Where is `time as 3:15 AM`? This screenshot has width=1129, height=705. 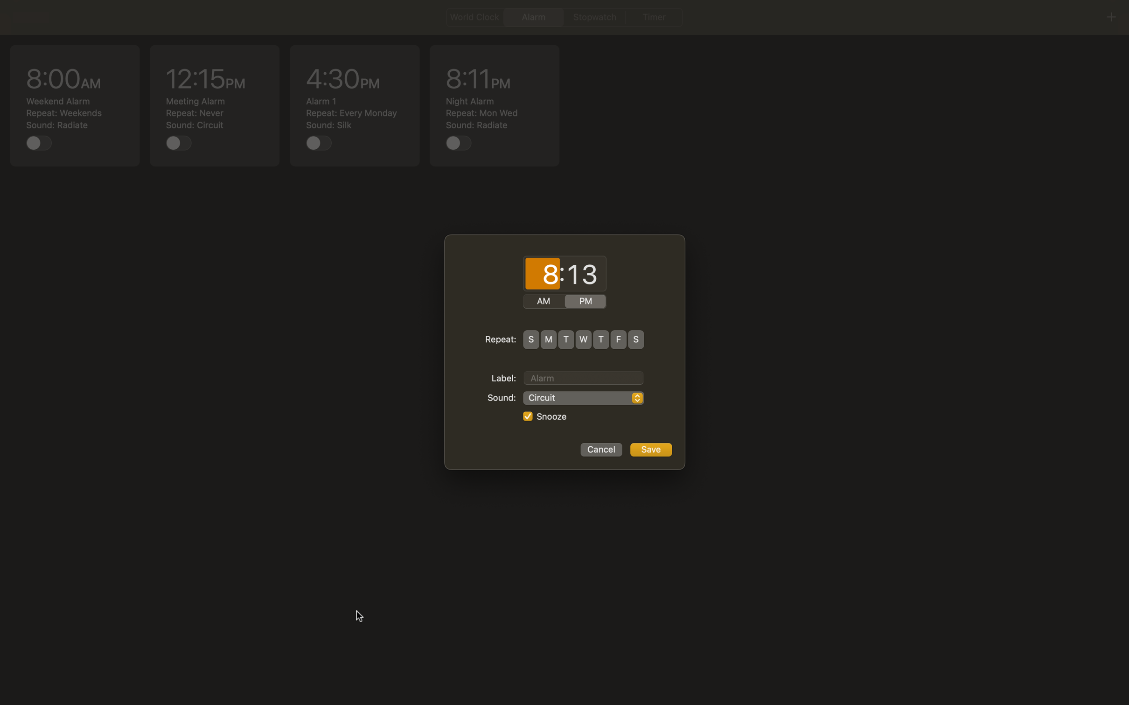 time as 3:15 AM is located at coordinates (542, 274).